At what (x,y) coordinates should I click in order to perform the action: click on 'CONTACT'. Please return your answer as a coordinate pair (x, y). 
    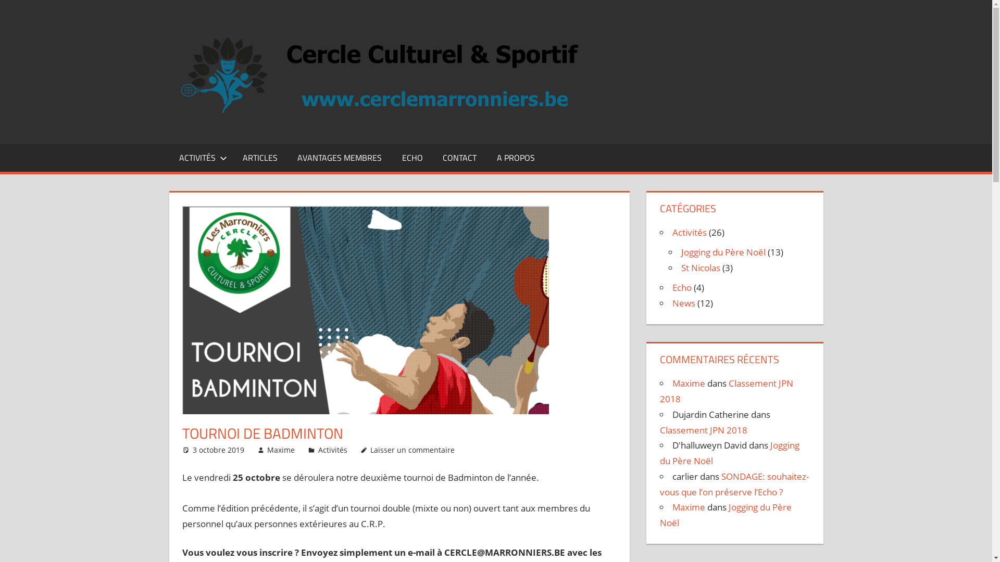
    Looking at the image, I should click on (459, 158).